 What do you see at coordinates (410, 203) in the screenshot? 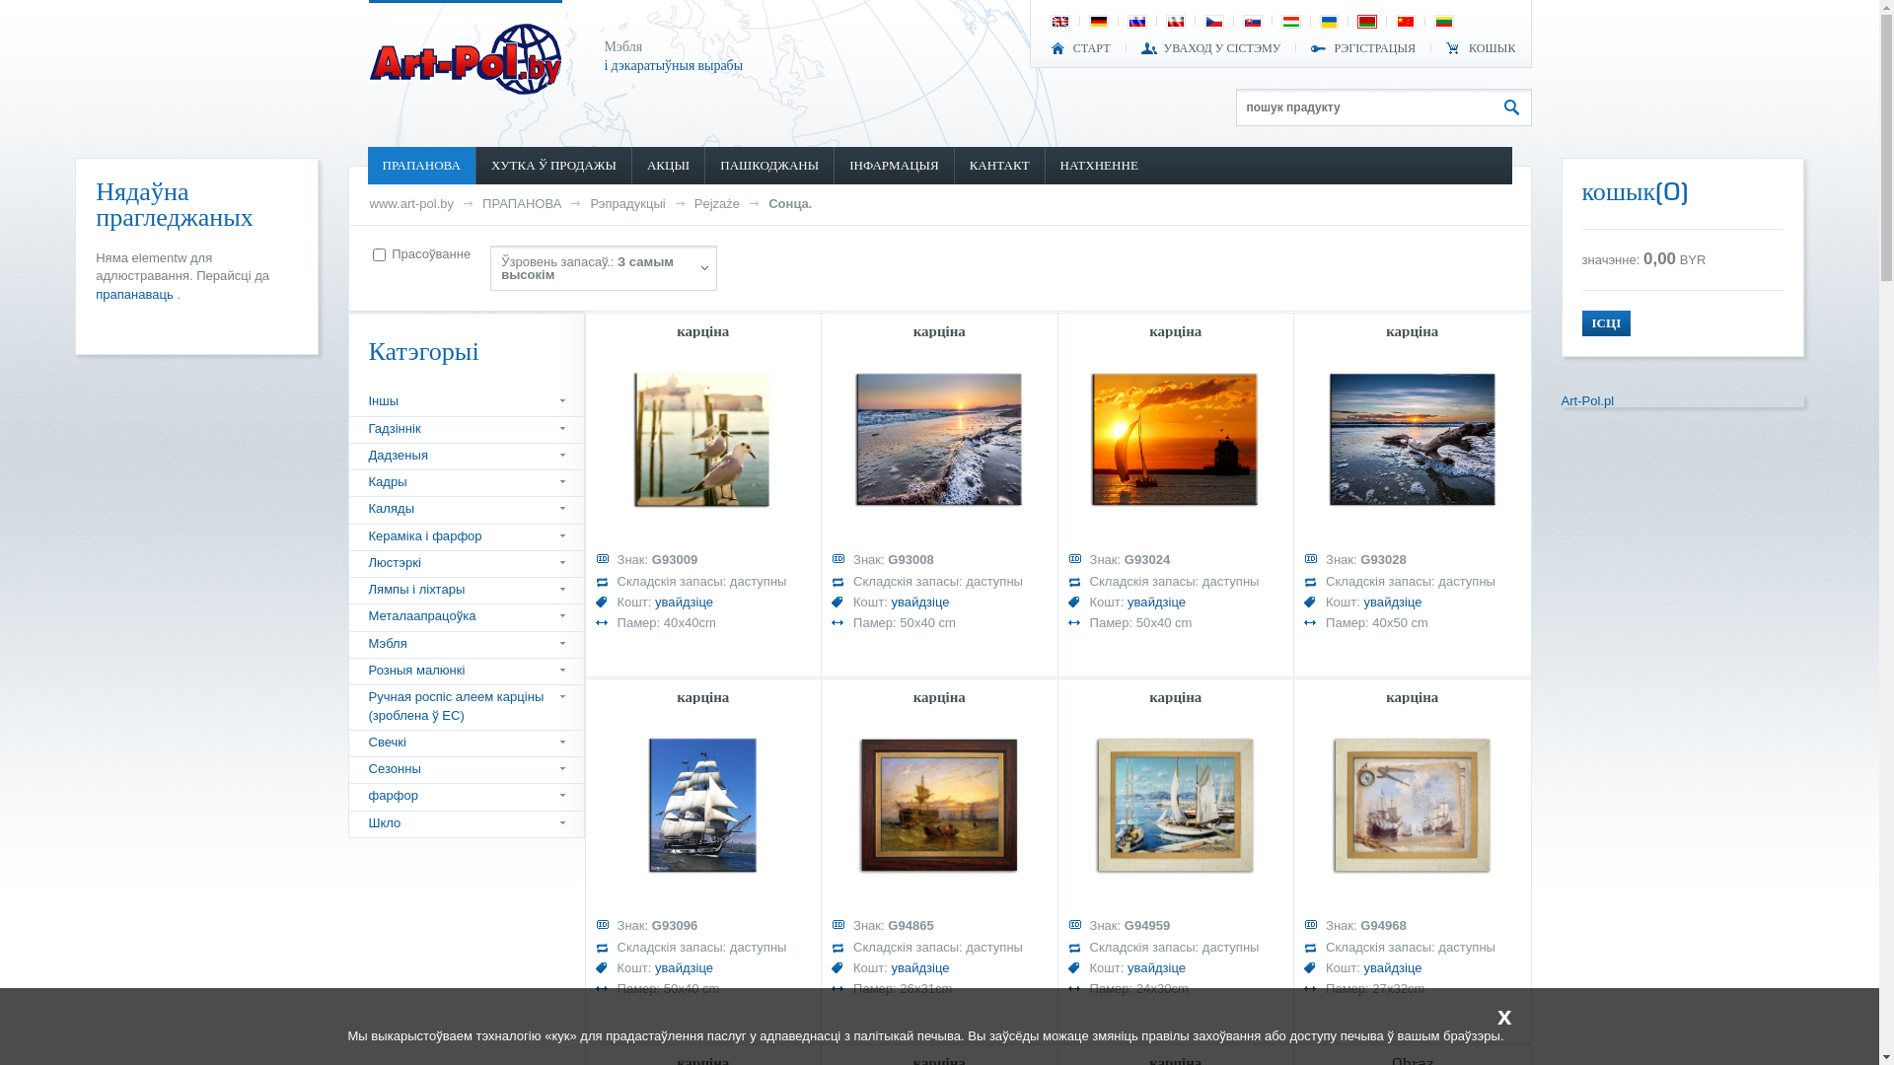
I see `'www.art-pol.by'` at bounding box center [410, 203].